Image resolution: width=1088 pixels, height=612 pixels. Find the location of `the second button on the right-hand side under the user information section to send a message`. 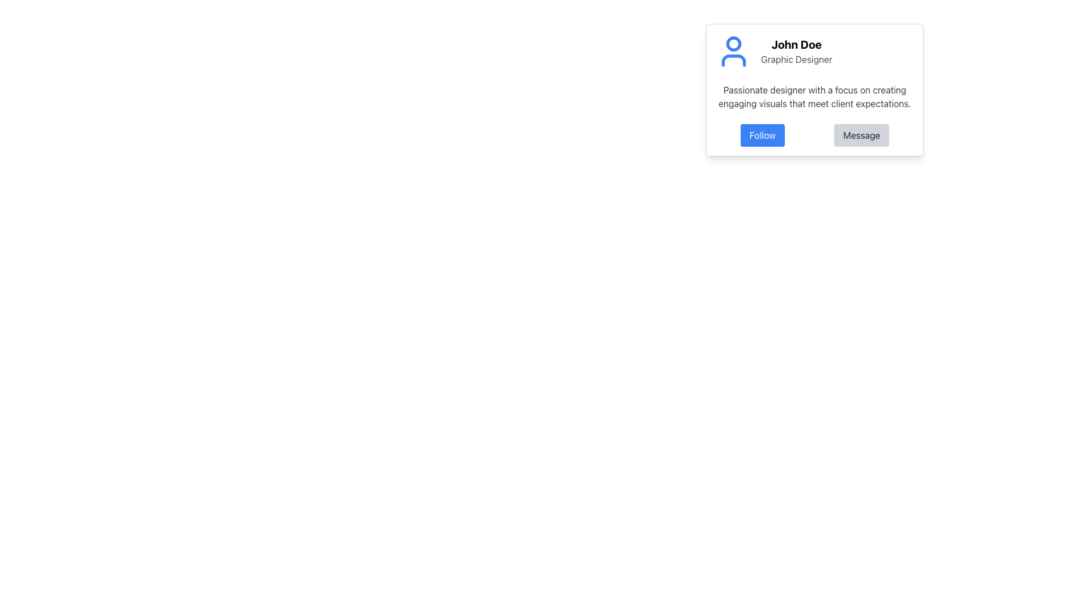

the second button on the right-hand side under the user information section to send a message is located at coordinates (861, 135).